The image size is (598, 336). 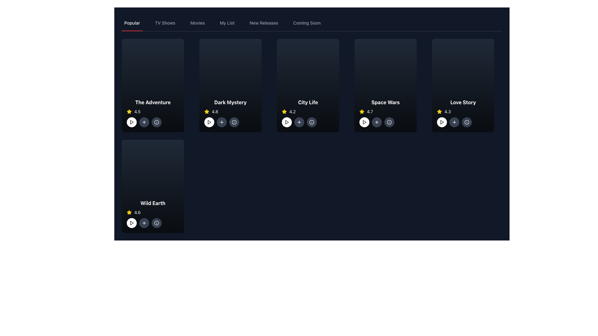 What do you see at coordinates (131, 223) in the screenshot?
I see `the play button located at the lower left of the 'Wild Earth' card` at bounding box center [131, 223].